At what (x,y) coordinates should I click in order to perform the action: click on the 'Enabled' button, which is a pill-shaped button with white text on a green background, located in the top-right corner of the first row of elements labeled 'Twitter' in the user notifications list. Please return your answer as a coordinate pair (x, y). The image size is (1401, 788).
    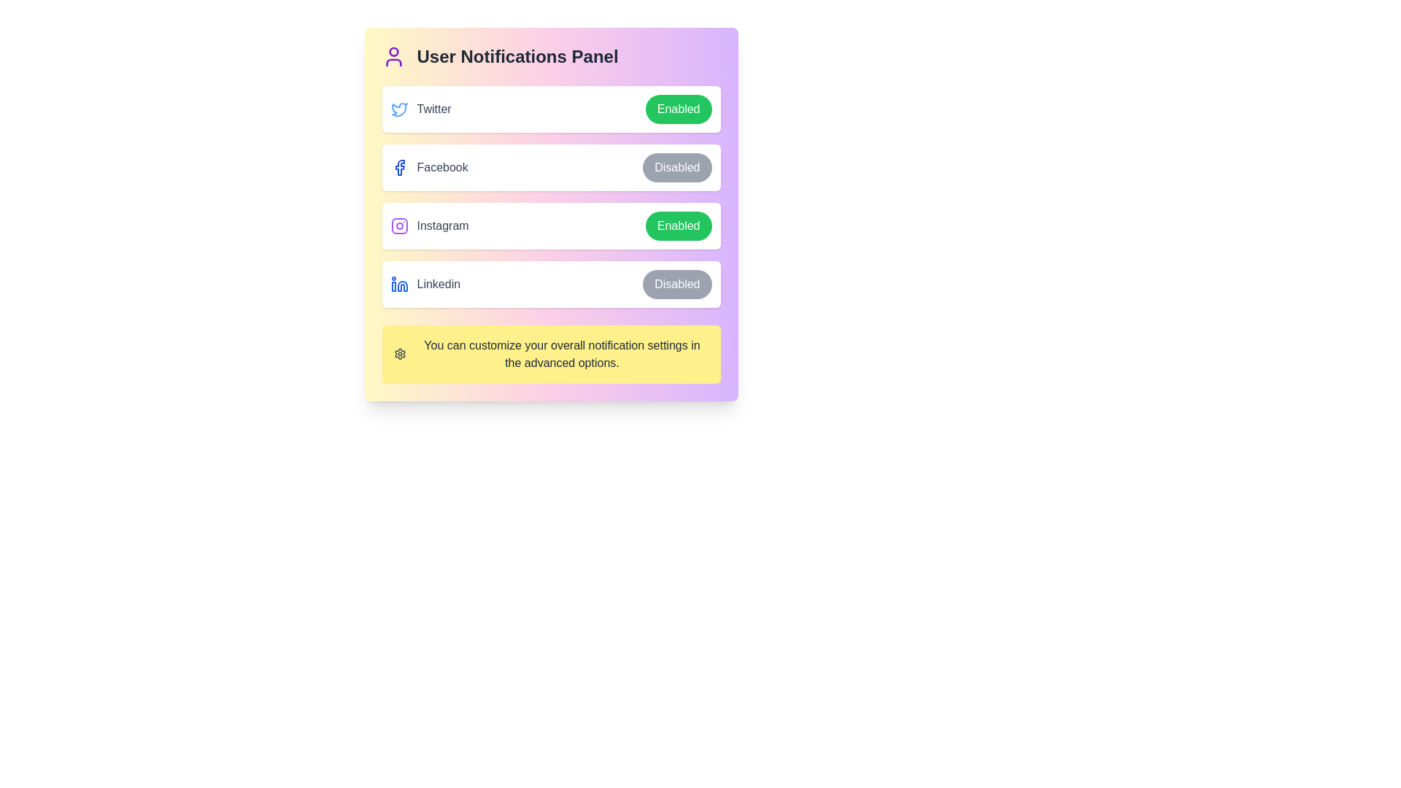
    Looking at the image, I should click on (678, 109).